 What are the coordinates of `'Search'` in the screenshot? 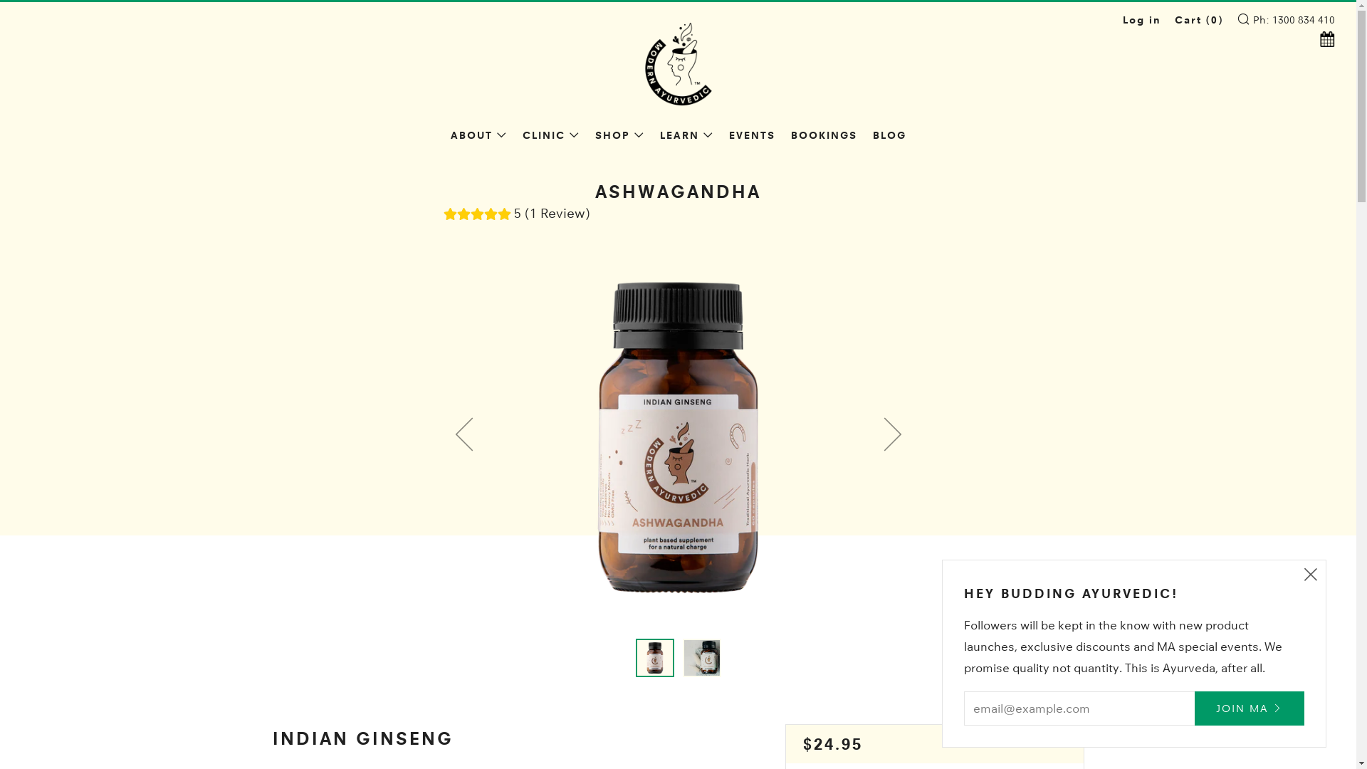 It's located at (1242, 19).